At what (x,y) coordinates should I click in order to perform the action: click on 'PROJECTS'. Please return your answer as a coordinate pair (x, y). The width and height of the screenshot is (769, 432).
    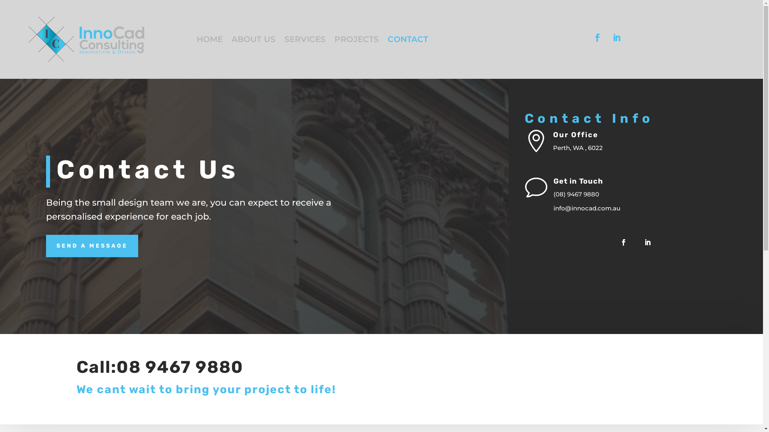
    Looking at the image, I should click on (334, 40).